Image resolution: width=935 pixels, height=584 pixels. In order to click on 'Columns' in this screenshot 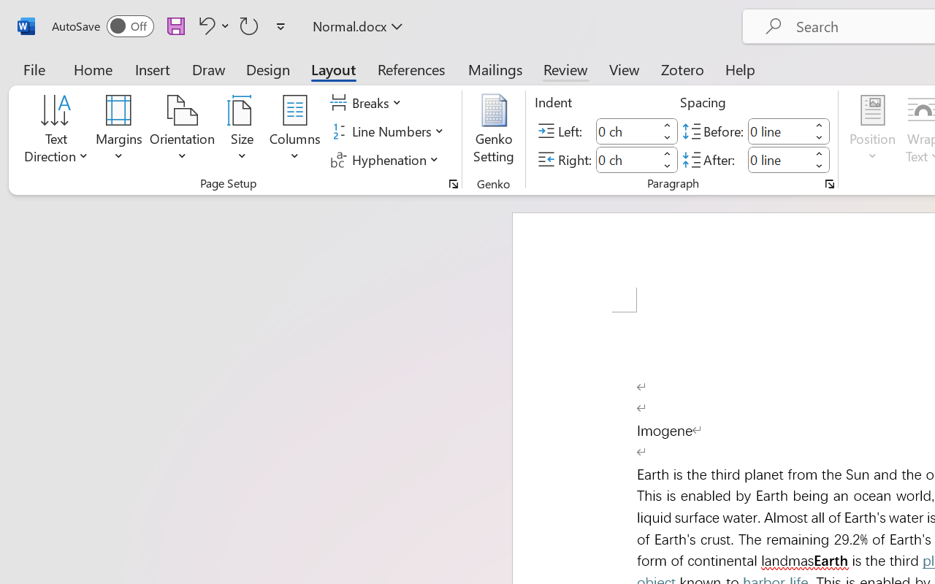, I will do `click(294, 131)`.